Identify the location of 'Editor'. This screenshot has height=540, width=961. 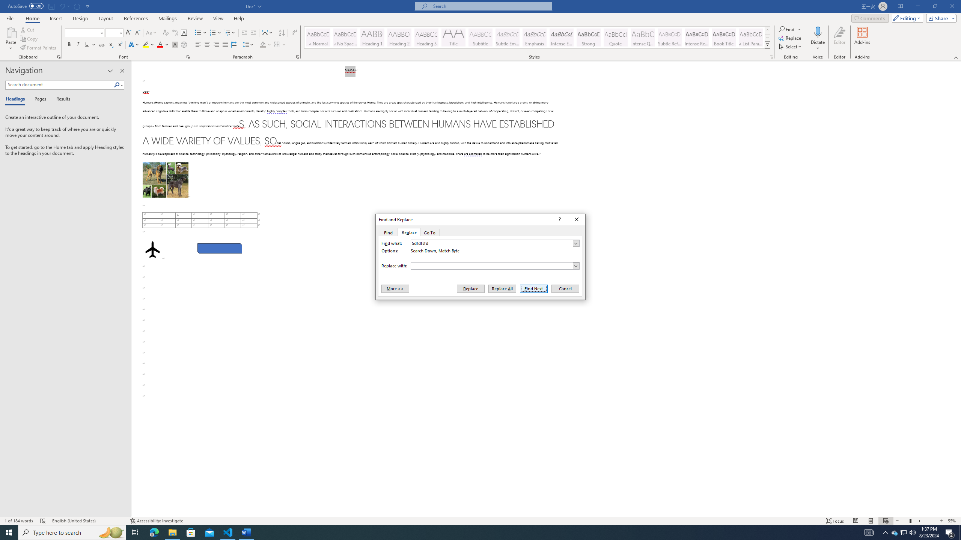
(840, 39).